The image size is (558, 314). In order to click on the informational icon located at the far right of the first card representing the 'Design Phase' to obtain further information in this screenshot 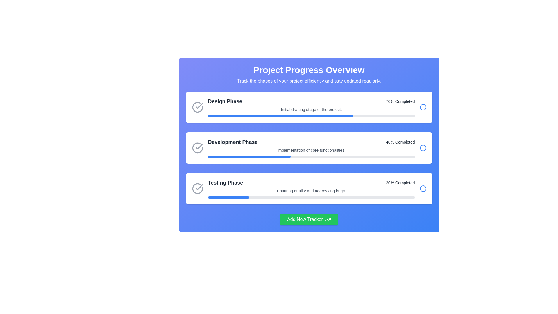, I will do `click(423, 107)`.